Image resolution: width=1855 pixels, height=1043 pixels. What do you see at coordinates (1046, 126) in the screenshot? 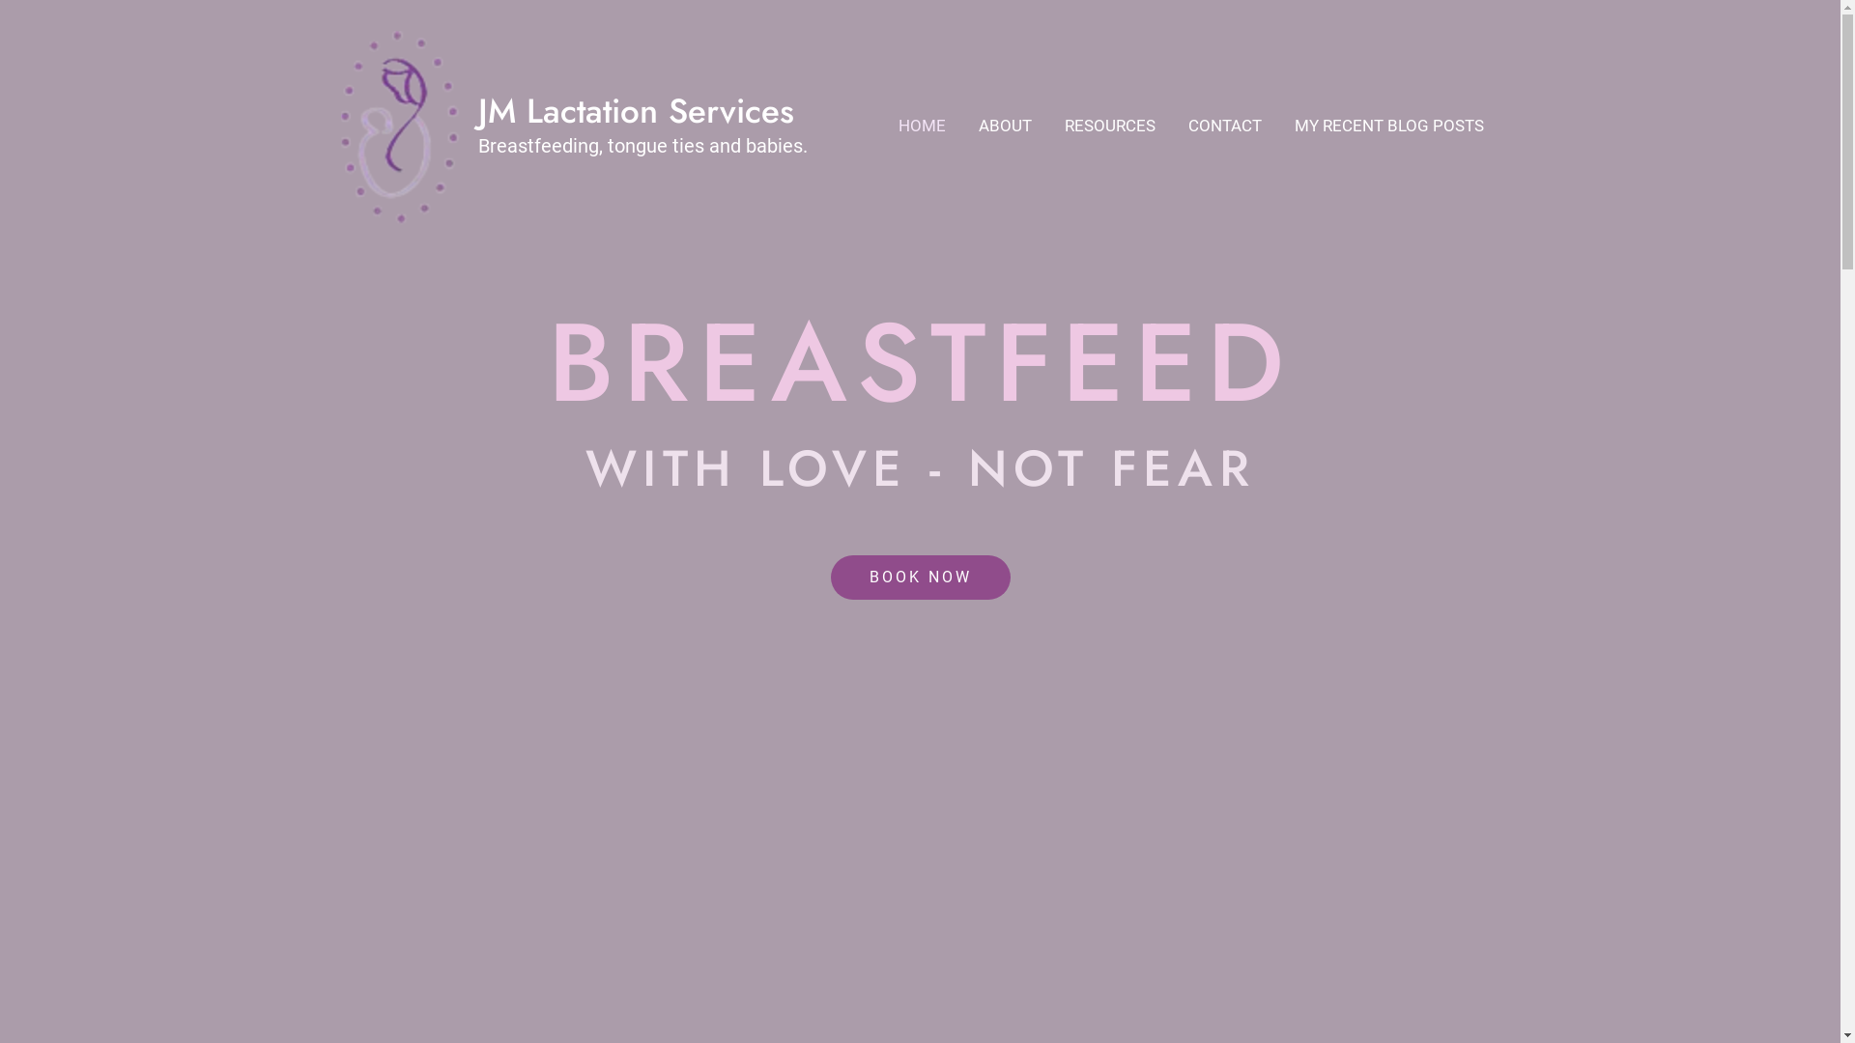
I see `'RESOURCES'` at bounding box center [1046, 126].